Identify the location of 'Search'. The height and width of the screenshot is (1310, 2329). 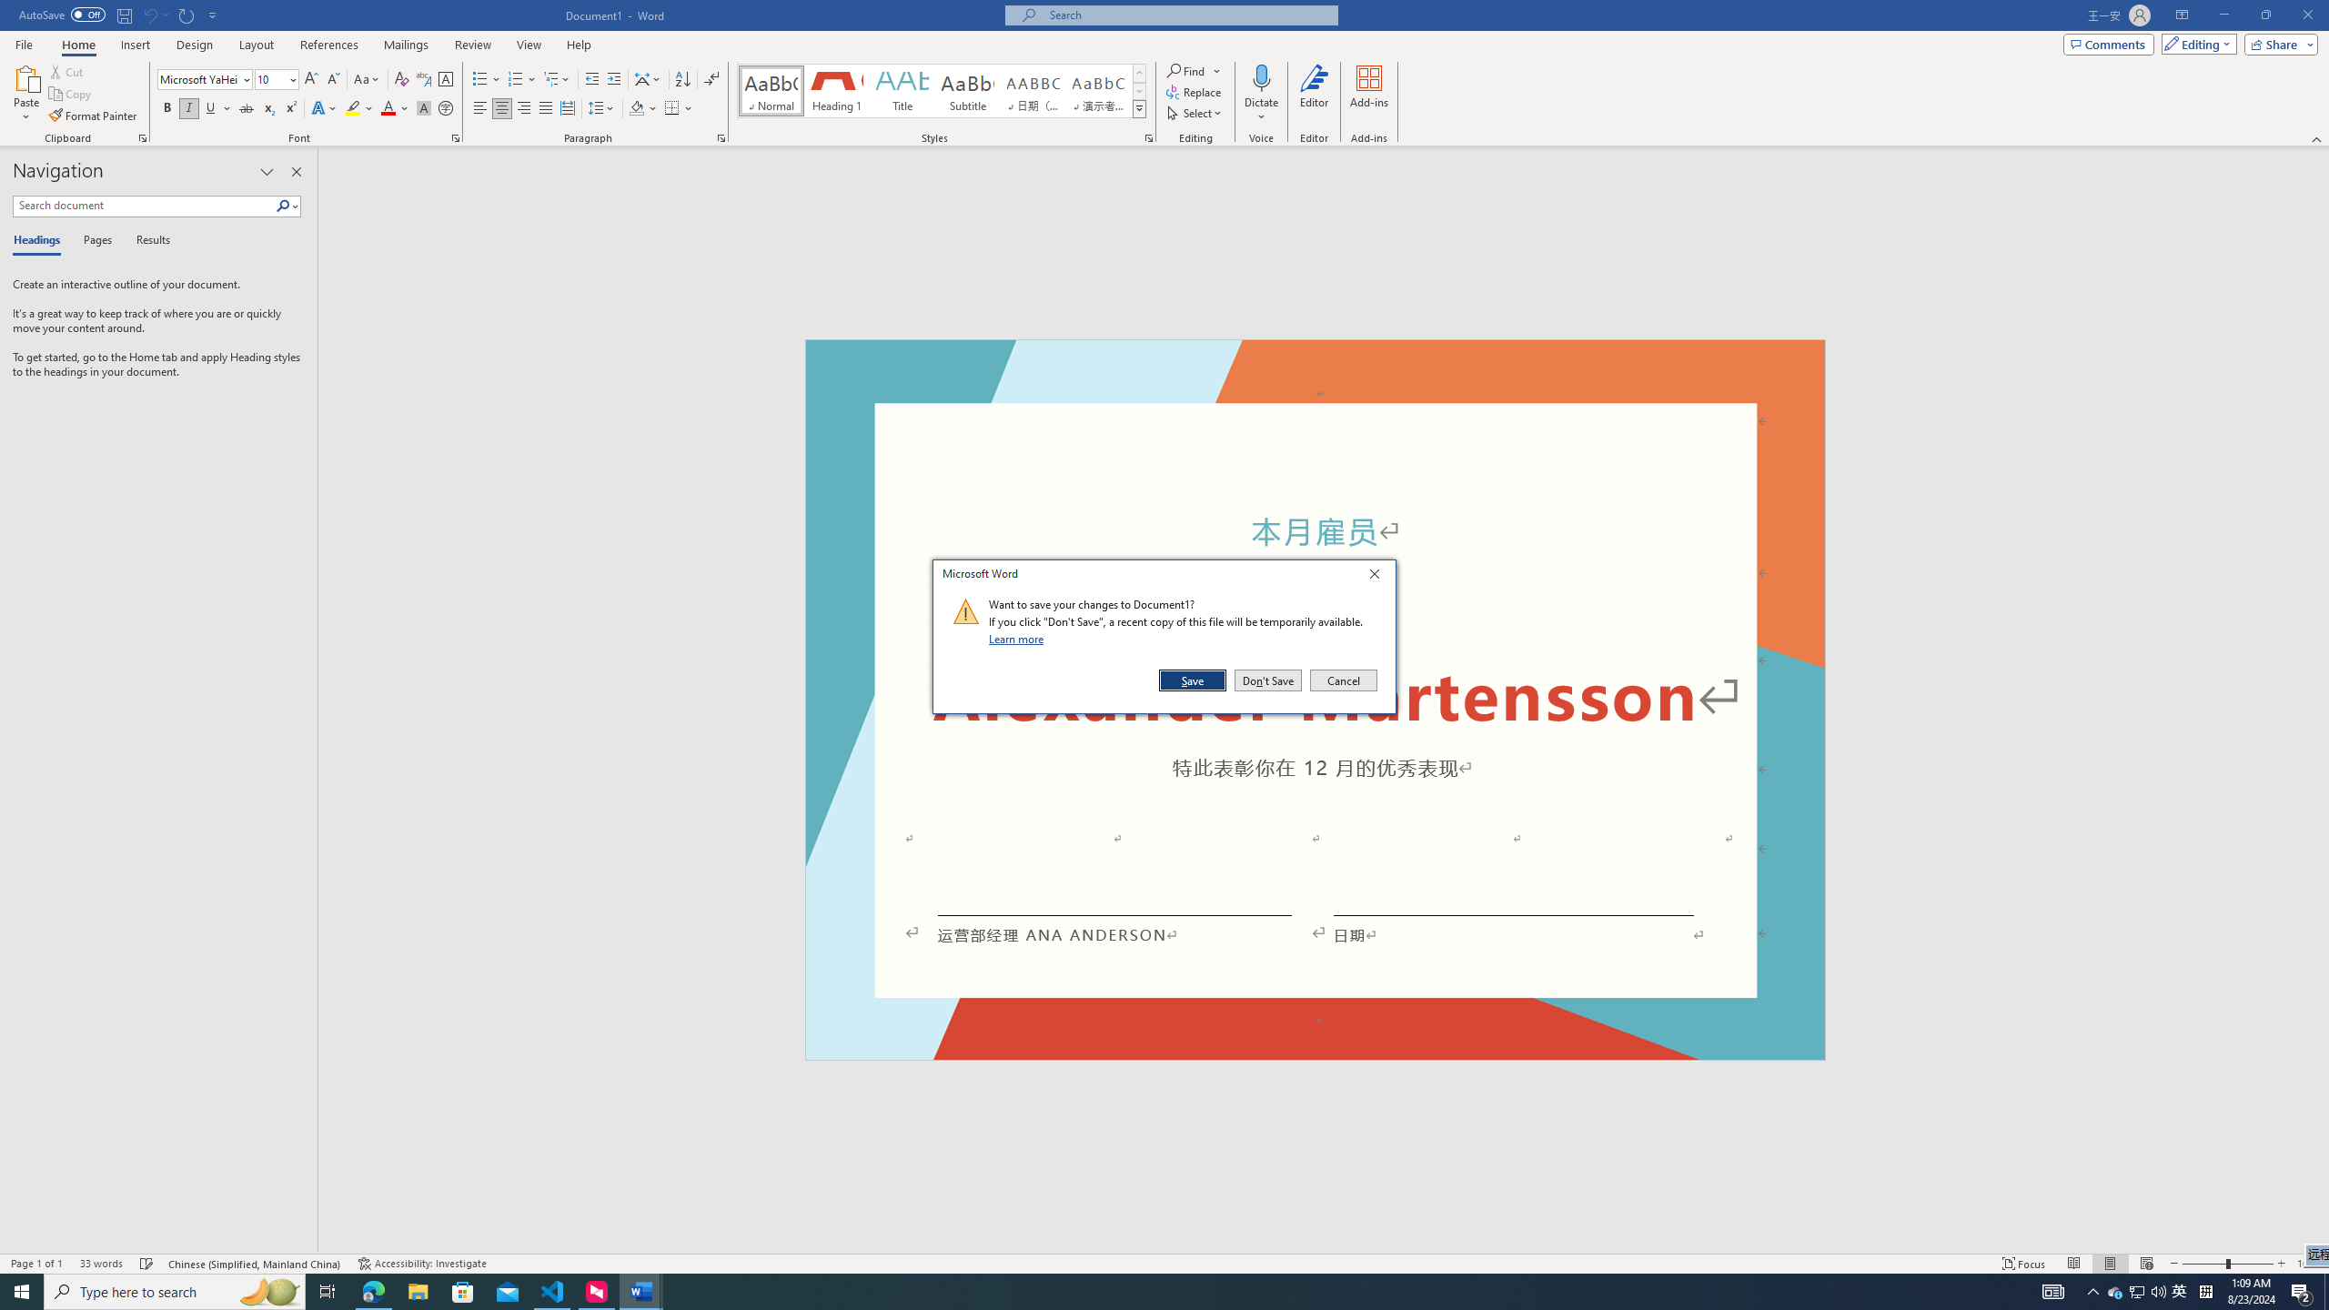
(287, 205).